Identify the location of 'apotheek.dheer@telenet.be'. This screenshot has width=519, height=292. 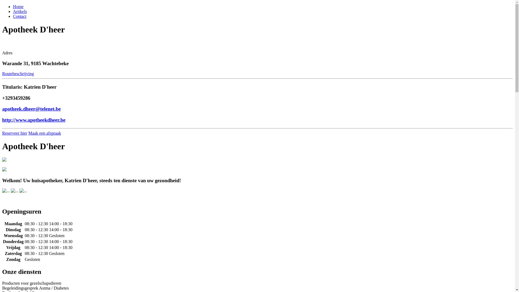
(31, 109).